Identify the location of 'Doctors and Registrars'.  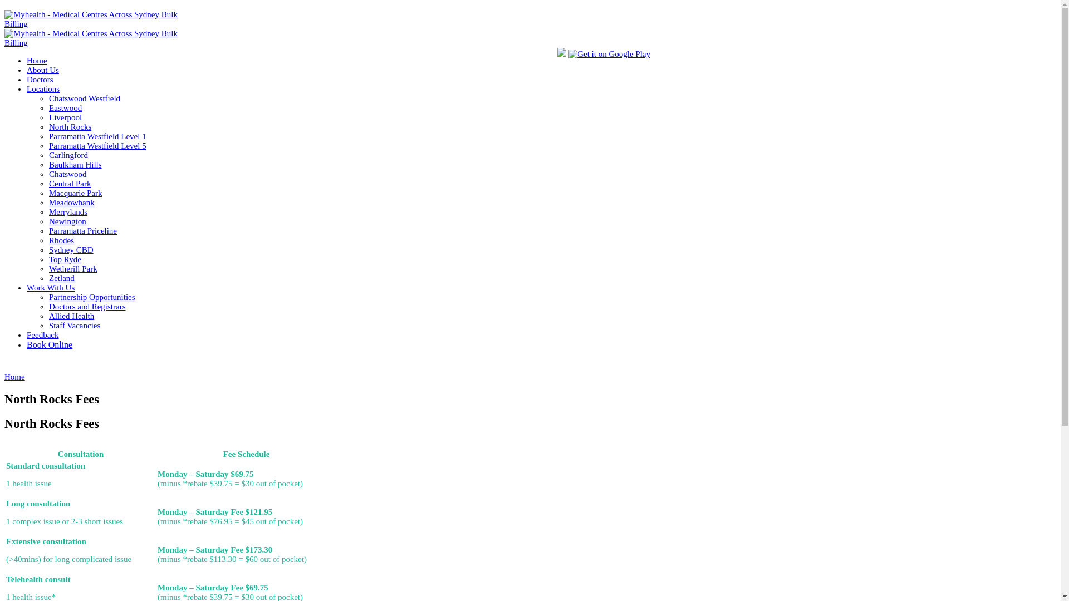
(86, 307).